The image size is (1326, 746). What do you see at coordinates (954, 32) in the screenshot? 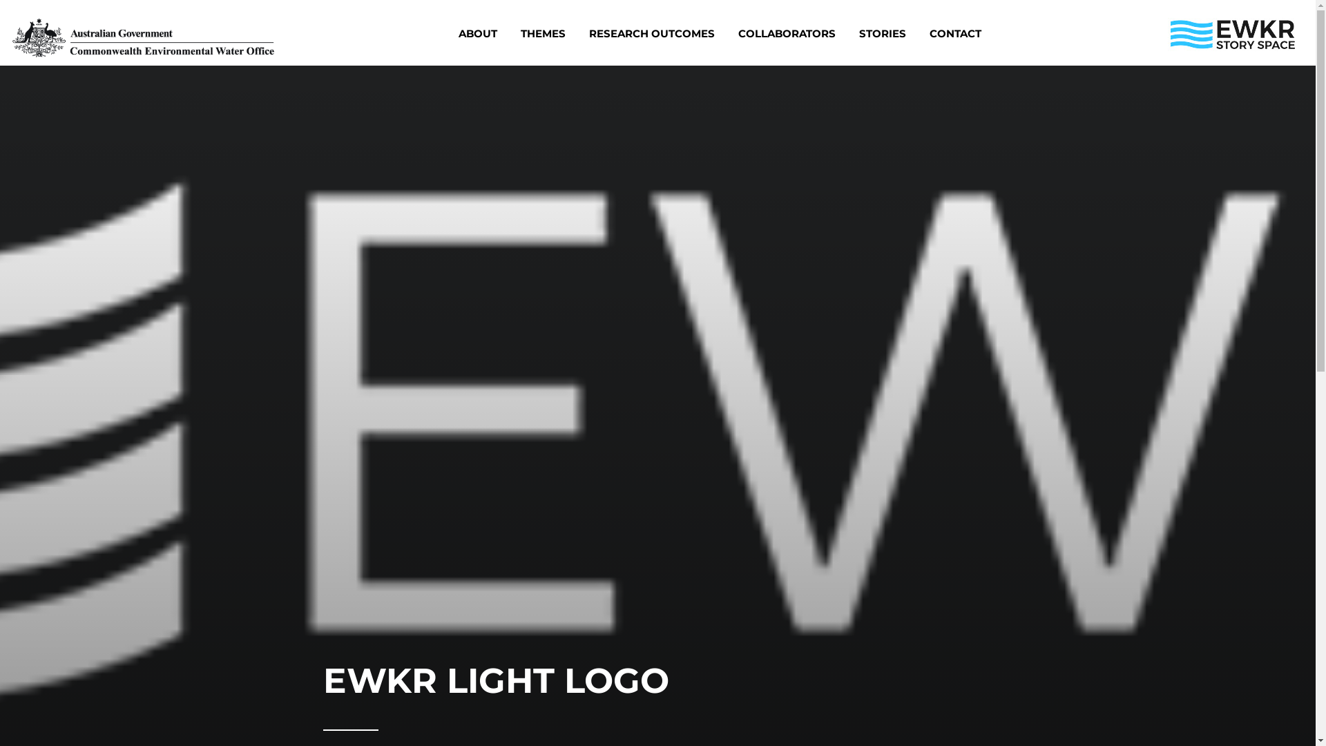
I see `'CONTACT'` at bounding box center [954, 32].